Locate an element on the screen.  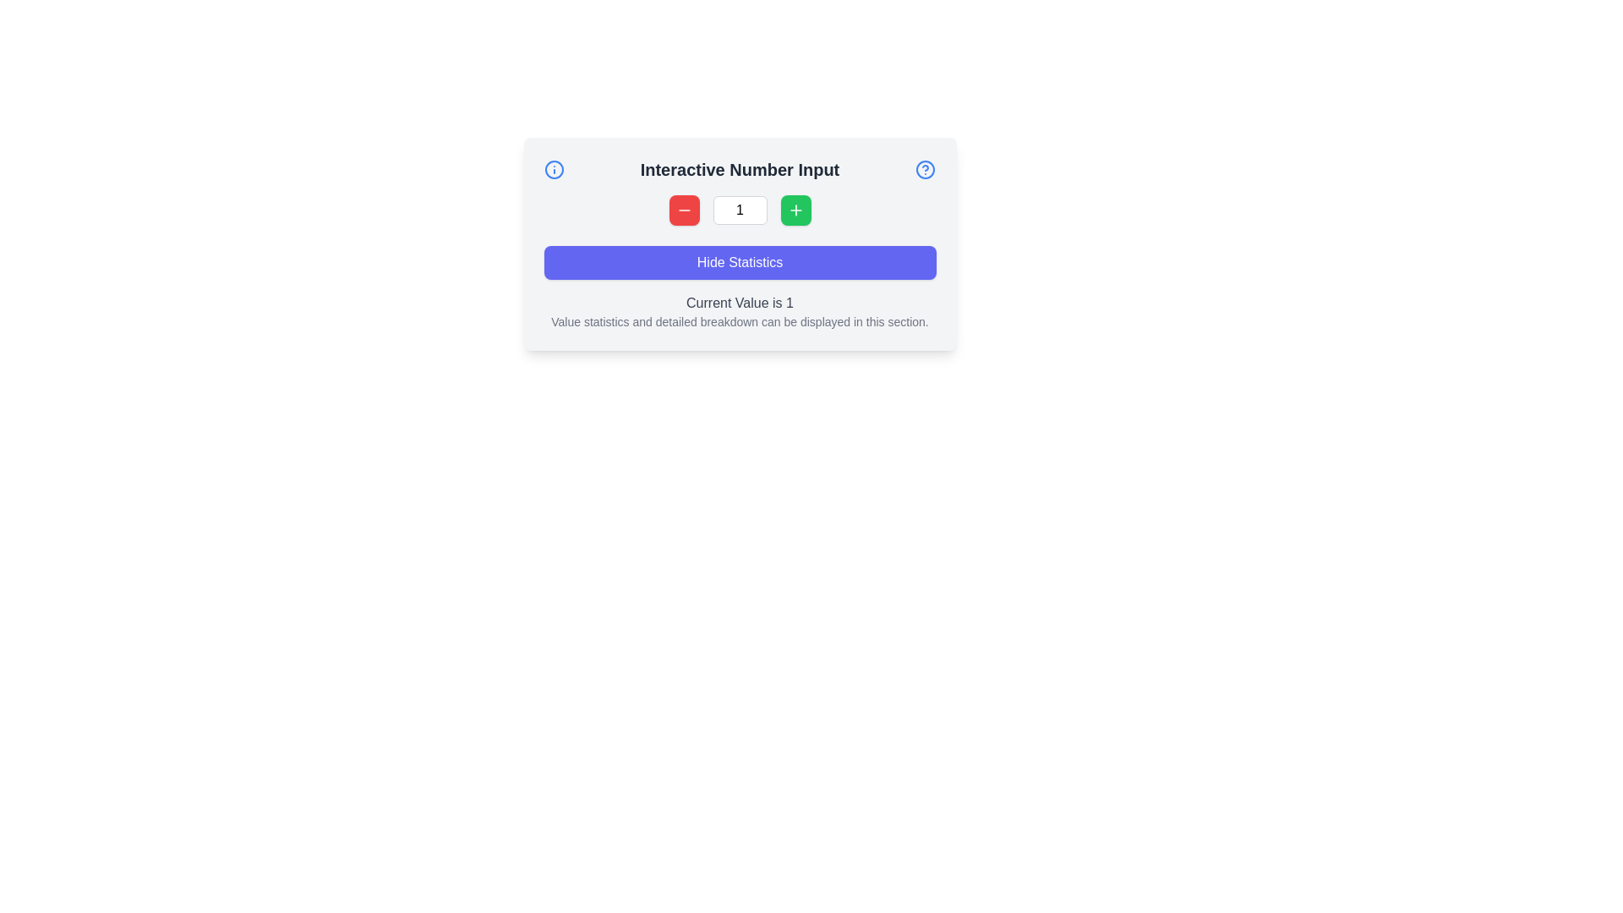
the green square button with a white plus symbol to increase the value is located at coordinates (795, 210).